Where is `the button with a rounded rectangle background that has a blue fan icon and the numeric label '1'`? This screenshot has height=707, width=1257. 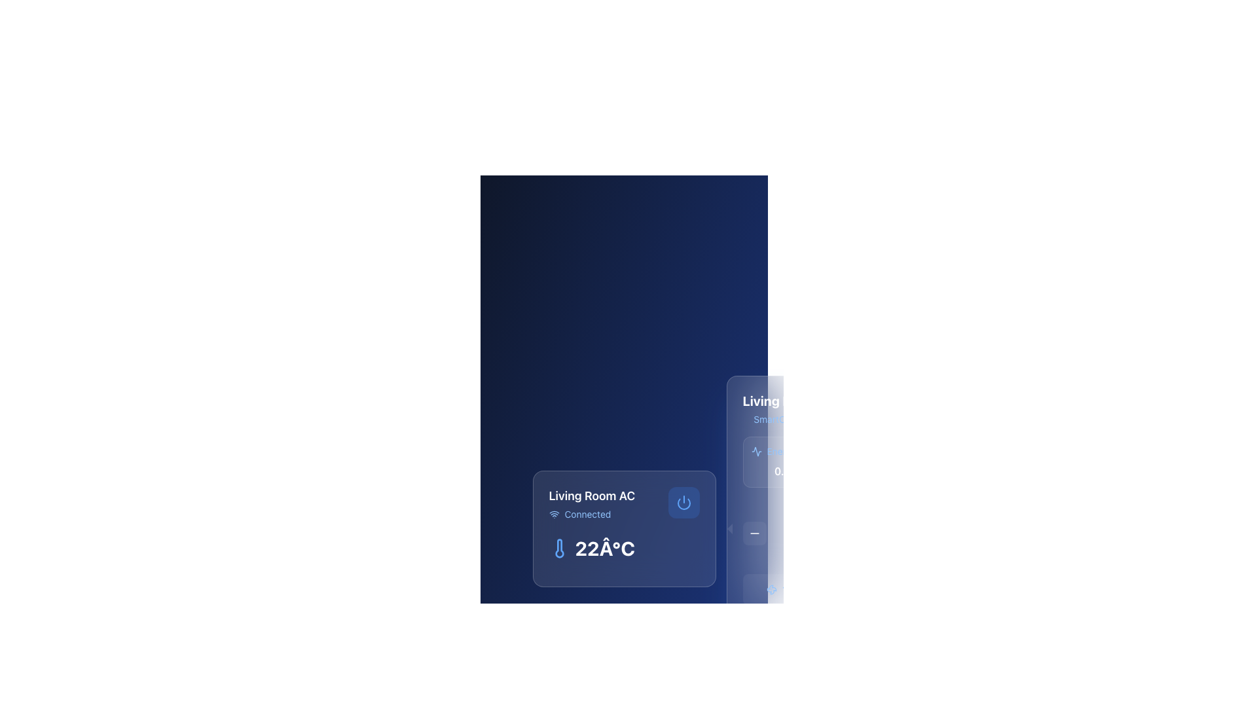
the button with a rounded rectangle background that has a blue fan icon and the numeric label '1' is located at coordinates (776, 590).